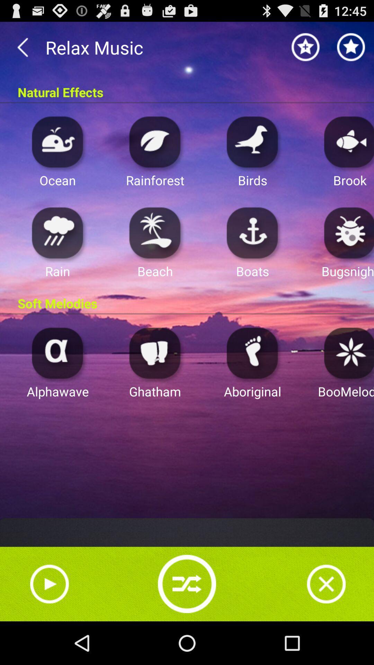 This screenshot has width=374, height=665. What do you see at coordinates (351, 47) in the screenshot?
I see `favorites` at bounding box center [351, 47].